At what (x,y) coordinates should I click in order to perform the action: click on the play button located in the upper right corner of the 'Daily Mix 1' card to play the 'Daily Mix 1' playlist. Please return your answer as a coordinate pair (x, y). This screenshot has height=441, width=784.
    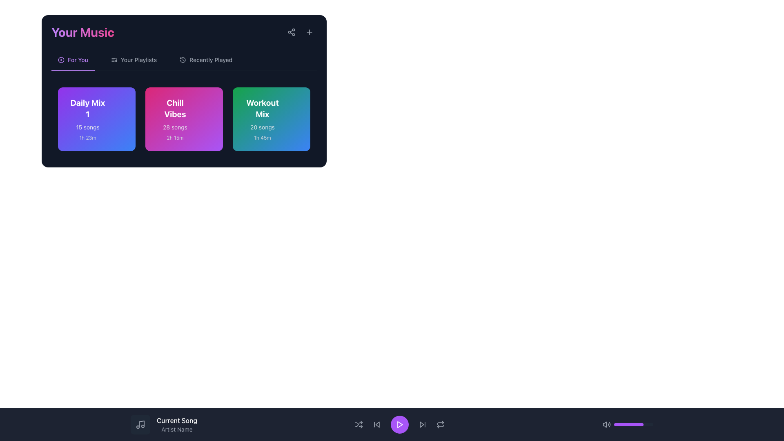
    Looking at the image, I should click on (116, 105).